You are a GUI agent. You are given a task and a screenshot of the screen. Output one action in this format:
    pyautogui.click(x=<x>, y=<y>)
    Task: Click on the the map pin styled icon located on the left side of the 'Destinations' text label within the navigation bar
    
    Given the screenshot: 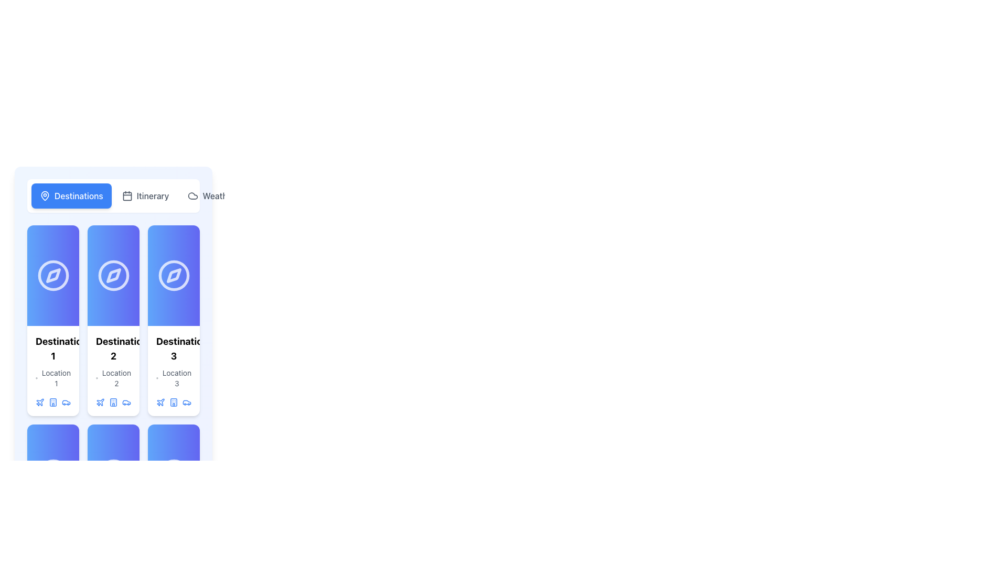 What is the action you would take?
    pyautogui.click(x=45, y=196)
    